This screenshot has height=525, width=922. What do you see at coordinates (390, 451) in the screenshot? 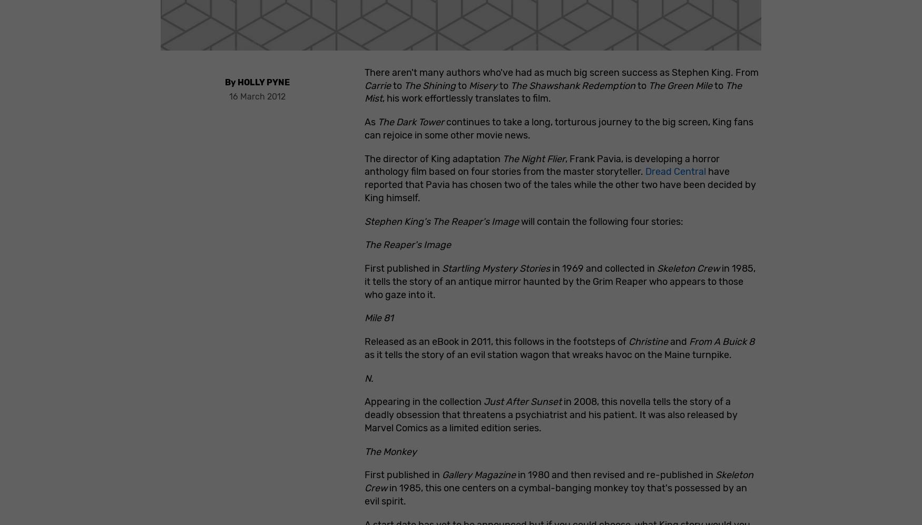
I see `'The Monkey'` at bounding box center [390, 451].